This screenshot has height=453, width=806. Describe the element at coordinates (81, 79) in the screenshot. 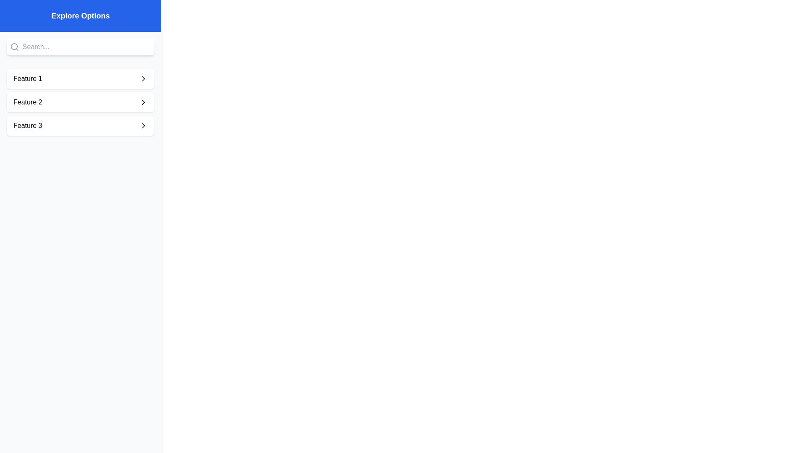

I see `the button corresponding to Feature 1` at that location.